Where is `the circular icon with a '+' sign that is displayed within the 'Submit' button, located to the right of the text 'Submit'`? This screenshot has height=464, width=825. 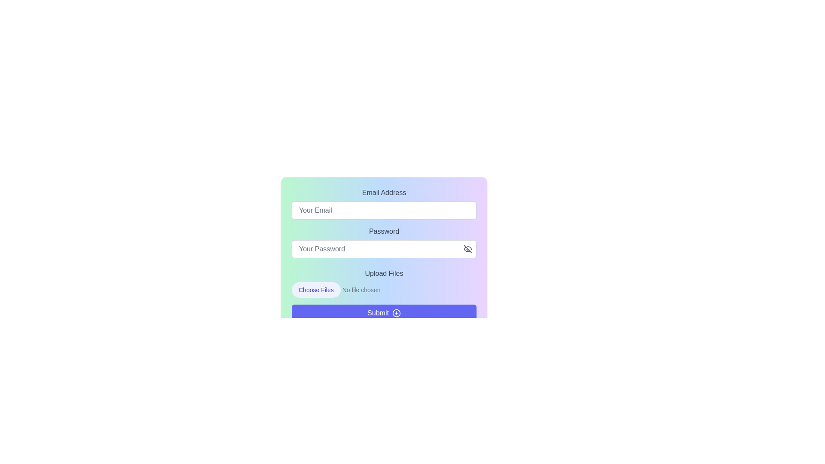 the circular icon with a '+' sign that is displayed within the 'Submit' button, located to the right of the text 'Submit' is located at coordinates (396, 313).